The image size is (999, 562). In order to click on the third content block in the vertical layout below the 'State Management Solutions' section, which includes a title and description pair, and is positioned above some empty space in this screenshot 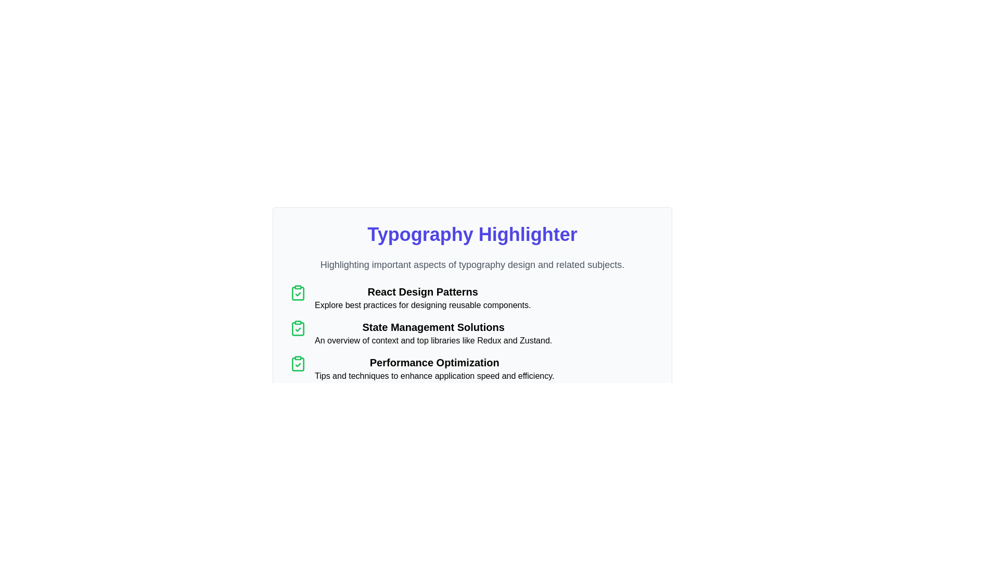, I will do `click(434, 368)`.